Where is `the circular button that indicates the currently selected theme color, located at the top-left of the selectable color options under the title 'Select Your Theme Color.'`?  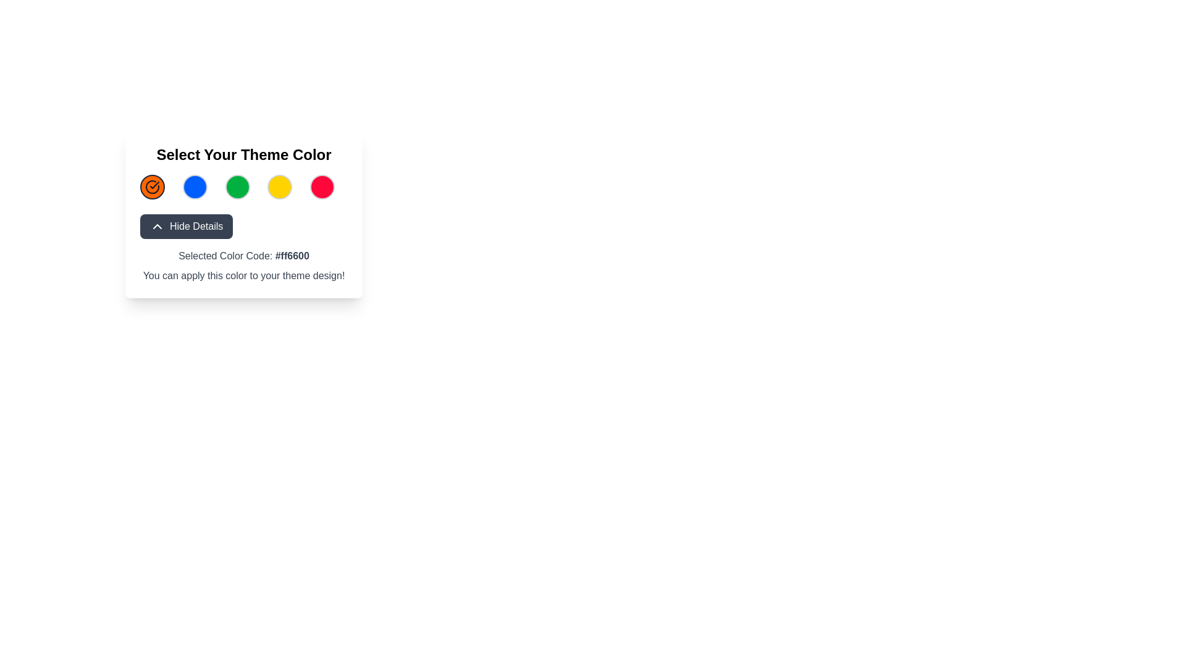
the circular button that indicates the currently selected theme color, located at the top-left of the selectable color options under the title 'Select Your Theme Color.' is located at coordinates (151, 187).